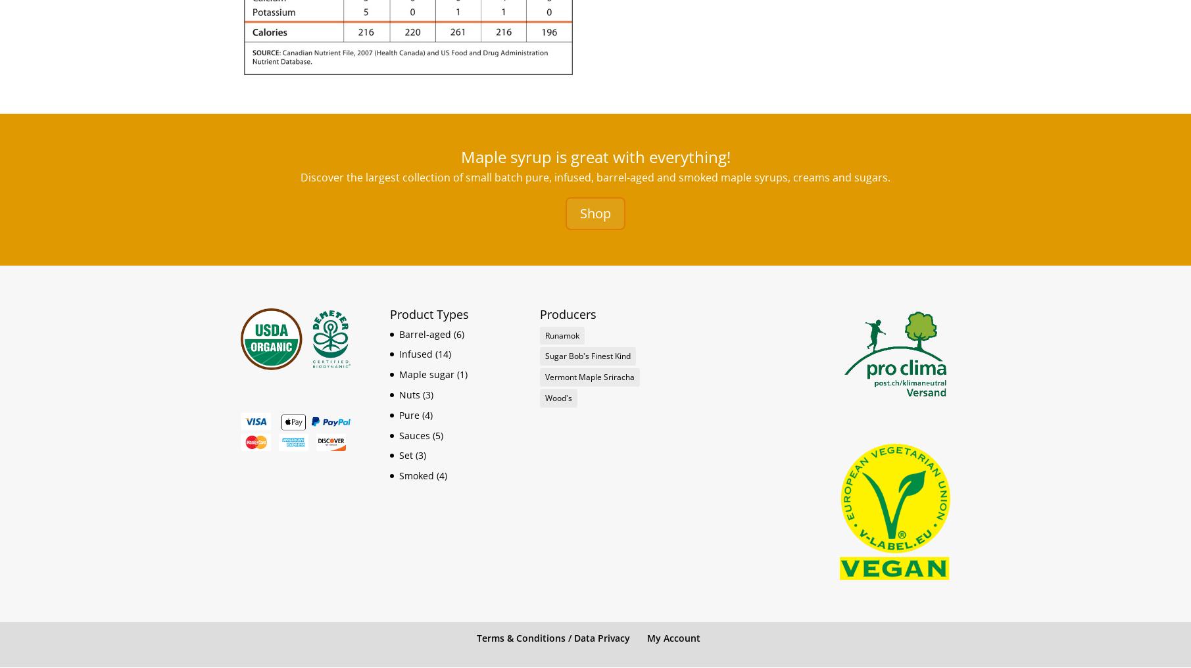  Describe the element at coordinates (568, 314) in the screenshot. I see `'Producers'` at that location.